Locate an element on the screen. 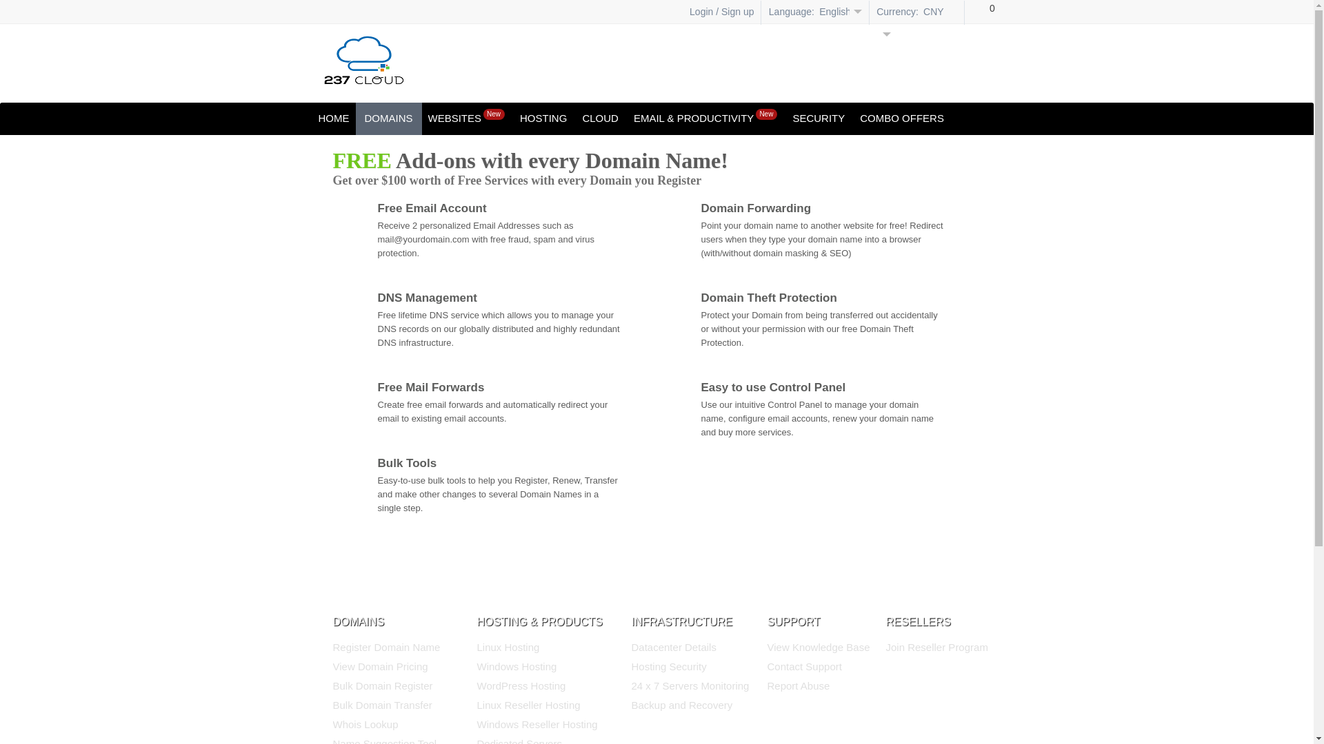 The image size is (1324, 744). 'EMAIL & PRODUCTIVITYNew' is located at coordinates (705, 118).